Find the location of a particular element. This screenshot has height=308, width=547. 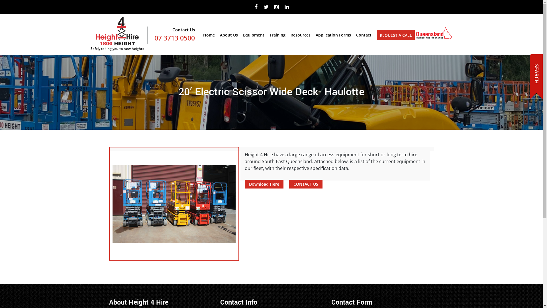

'About Us' is located at coordinates (229, 38).